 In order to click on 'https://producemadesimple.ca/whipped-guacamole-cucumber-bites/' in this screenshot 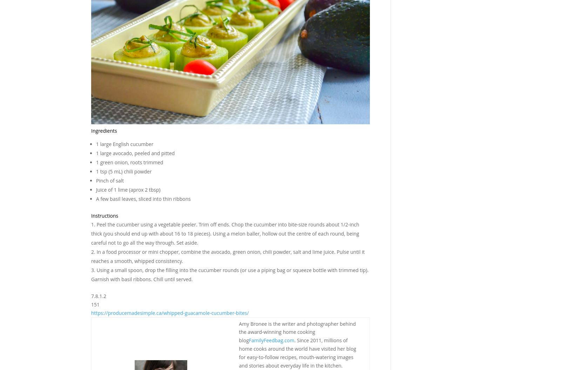, I will do `click(169, 312)`.